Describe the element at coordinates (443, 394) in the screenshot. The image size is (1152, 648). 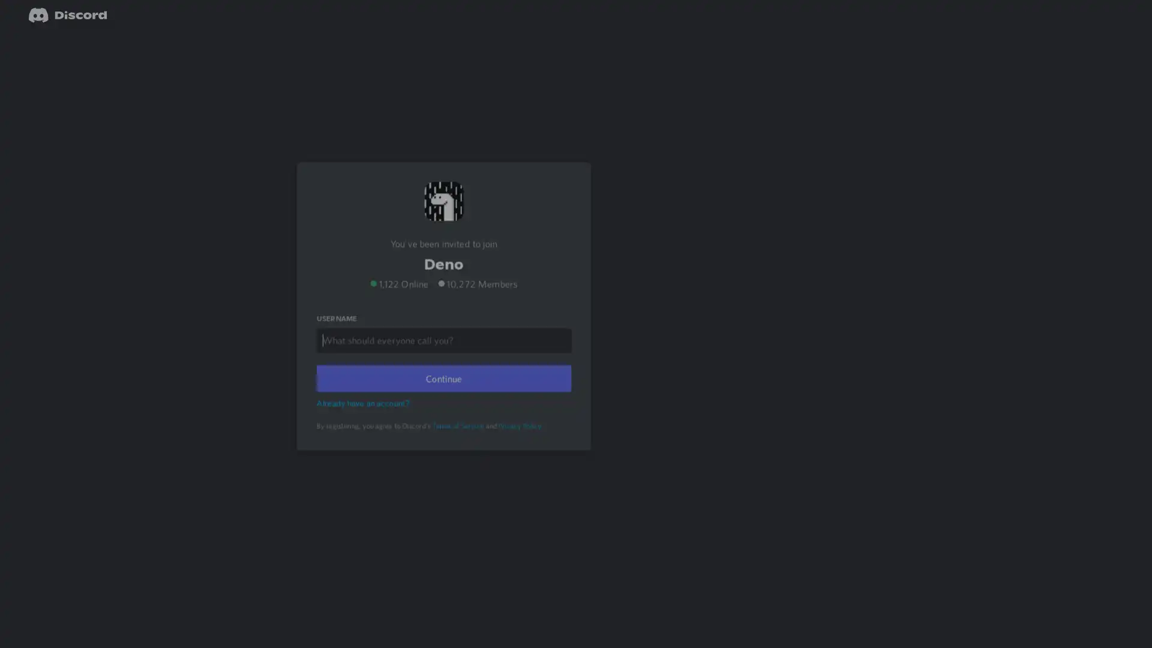
I see `Continue` at that location.